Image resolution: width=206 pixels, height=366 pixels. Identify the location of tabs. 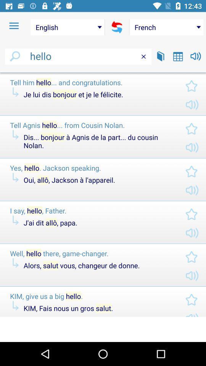
(178, 56).